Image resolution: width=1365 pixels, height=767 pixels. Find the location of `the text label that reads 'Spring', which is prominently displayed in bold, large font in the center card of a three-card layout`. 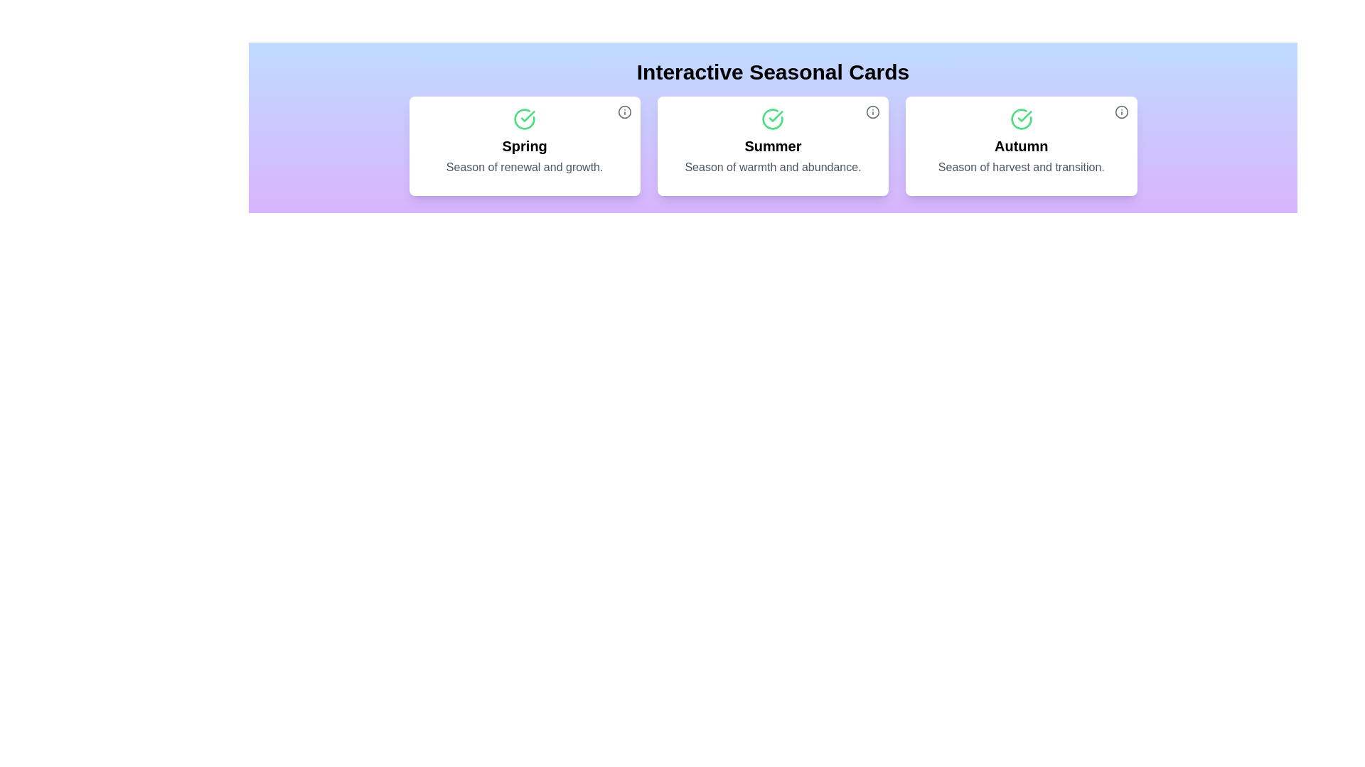

the text label that reads 'Spring', which is prominently displayed in bold, large font in the center card of a three-card layout is located at coordinates (524, 146).